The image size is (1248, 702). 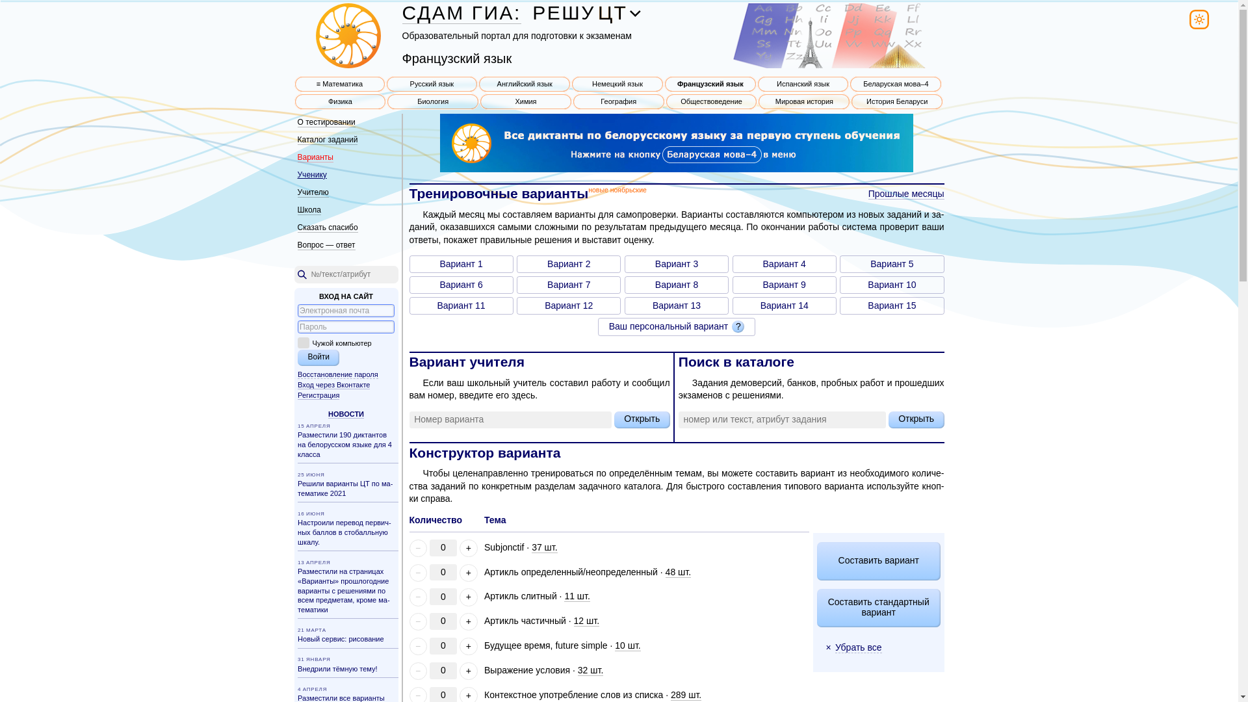 What do you see at coordinates (468, 621) in the screenshot?
I see `'+'` at bounding box center [468, 621].